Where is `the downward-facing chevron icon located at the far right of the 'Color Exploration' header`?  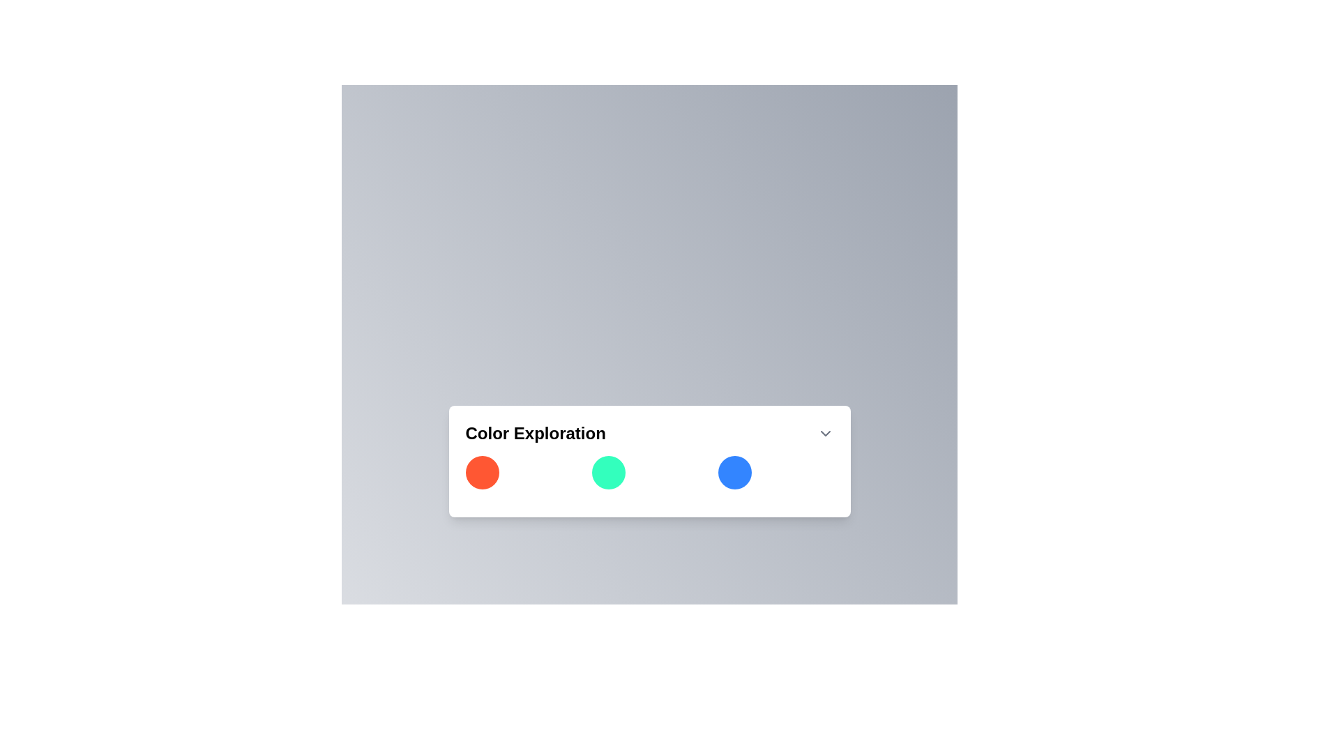
the downward-facing chevron icon located at the far right of the 'Color Exploration' header is located at coordinates (825, 432).